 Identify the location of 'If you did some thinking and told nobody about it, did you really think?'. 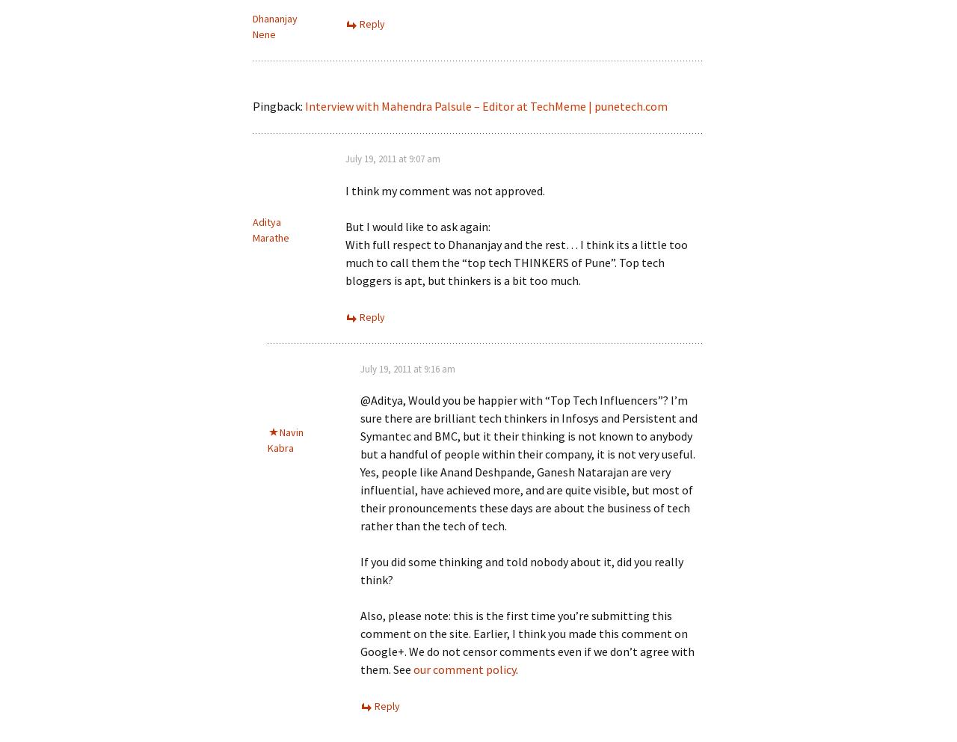
(521, 570).